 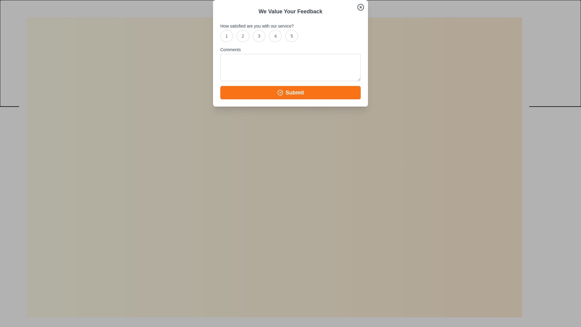 I want to click on the close button in the top-right corner of the dialog to close it, so click(x=523, y=16).